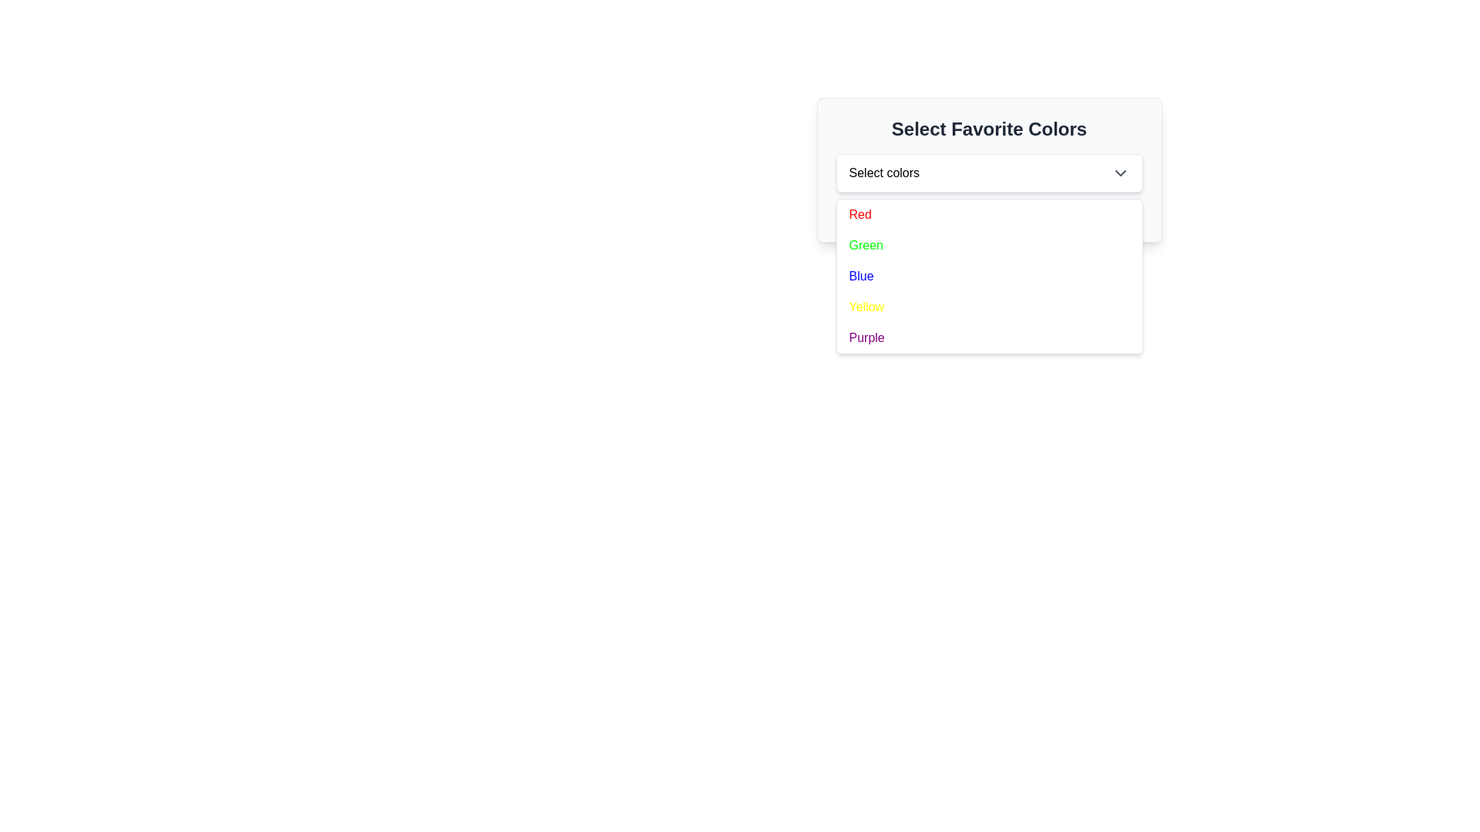  Describe the element at coordinates (989, 169) in the screenshot. I see `an option from the dropdown menu labeled 'Select colors' under the header 'Select Favorite Colors'` at that location.